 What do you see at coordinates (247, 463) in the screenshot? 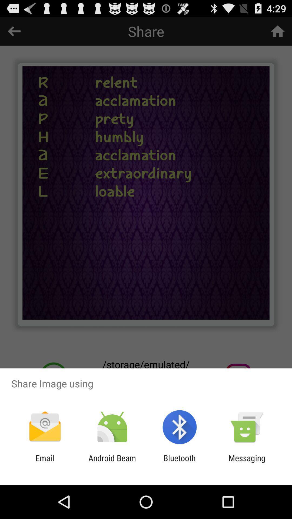
I see `the item to the right of the bluetooth app` at bounding box center [247, 463].